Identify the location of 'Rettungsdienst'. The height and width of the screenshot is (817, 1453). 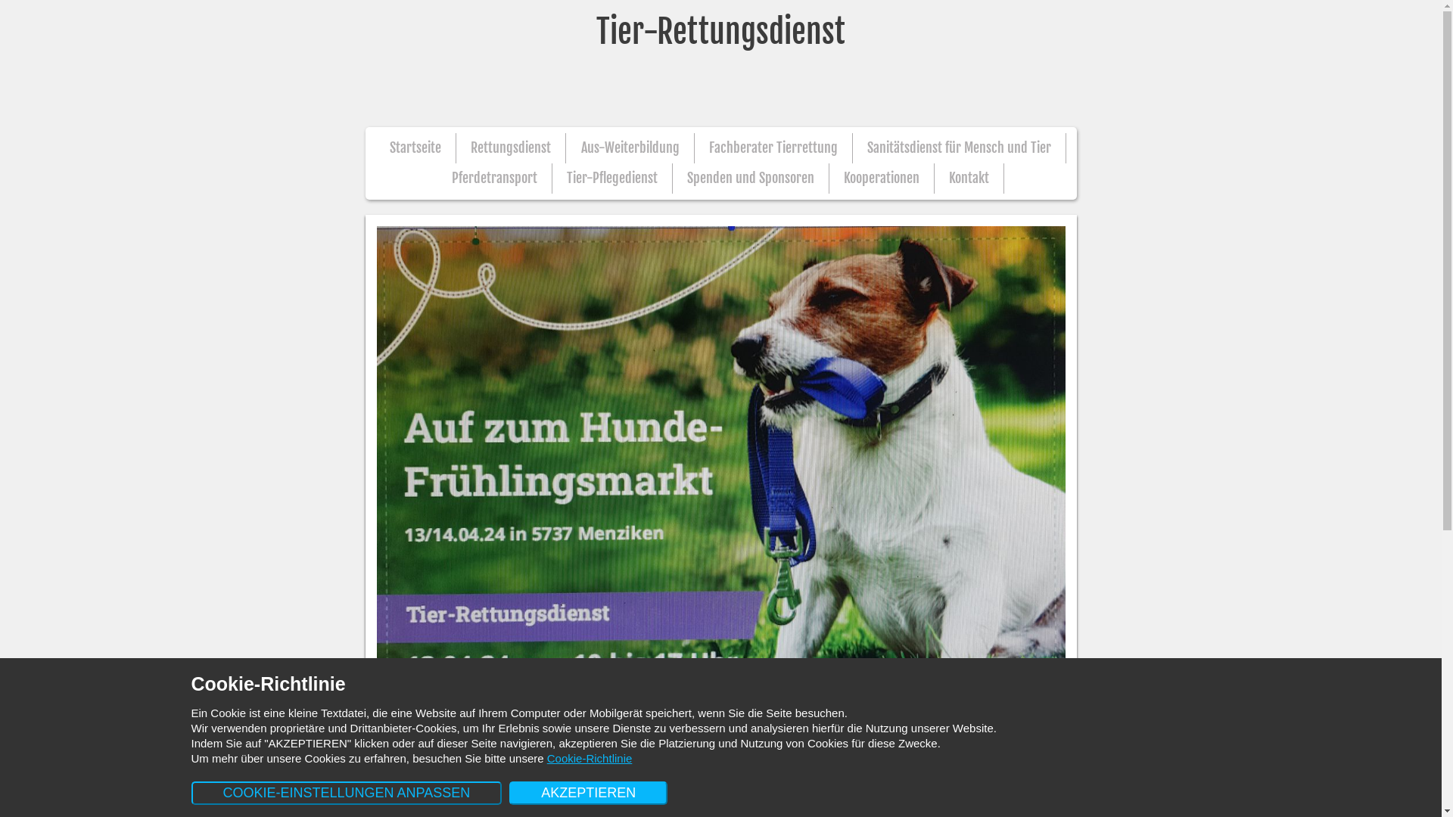
(511, 148).